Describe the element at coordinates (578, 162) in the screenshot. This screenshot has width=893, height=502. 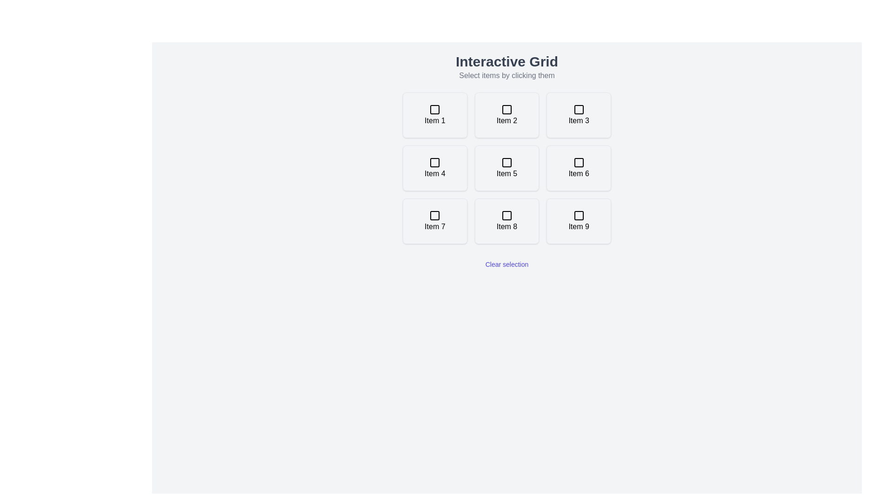
I see `the selectable icon located in the third row of the three-by-three interactive grid, specifically in the cell labeled 'Item 6'` at that location.